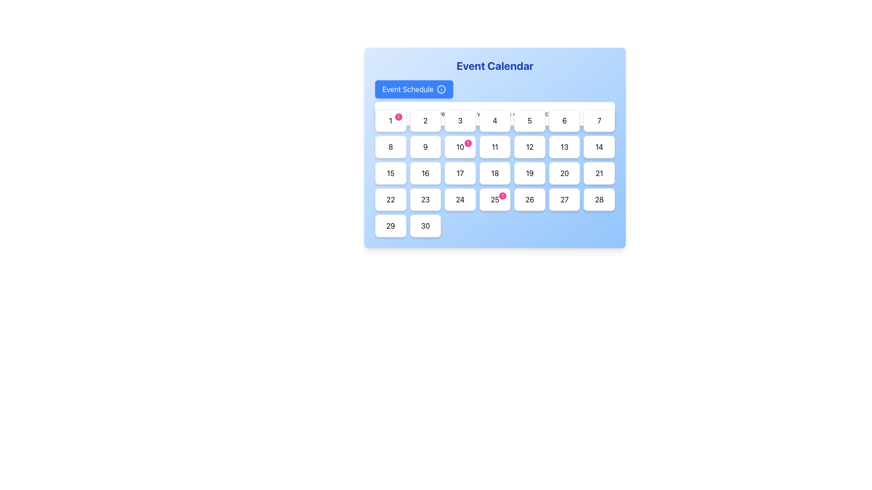  Describe the element at coordinates (564, 199) in the screenshot. I see `the calendar day cell element displaying the numeral '27', which is located in the bottom row and fifth column of the grid in the calendar structure` at that location.